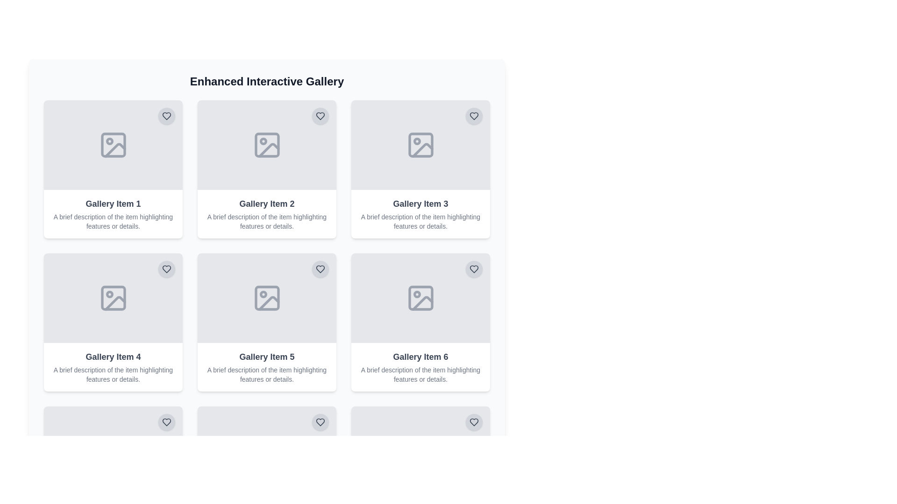 This screenshot has height=504, width=897. What do you see at coordinates (266, 451) in the screenshot?
I see `the heart button within the 'Gallery Item 8' component to favorite the item, which is located in the third row, second column of the grid layout` at bounding box center [266, 451].